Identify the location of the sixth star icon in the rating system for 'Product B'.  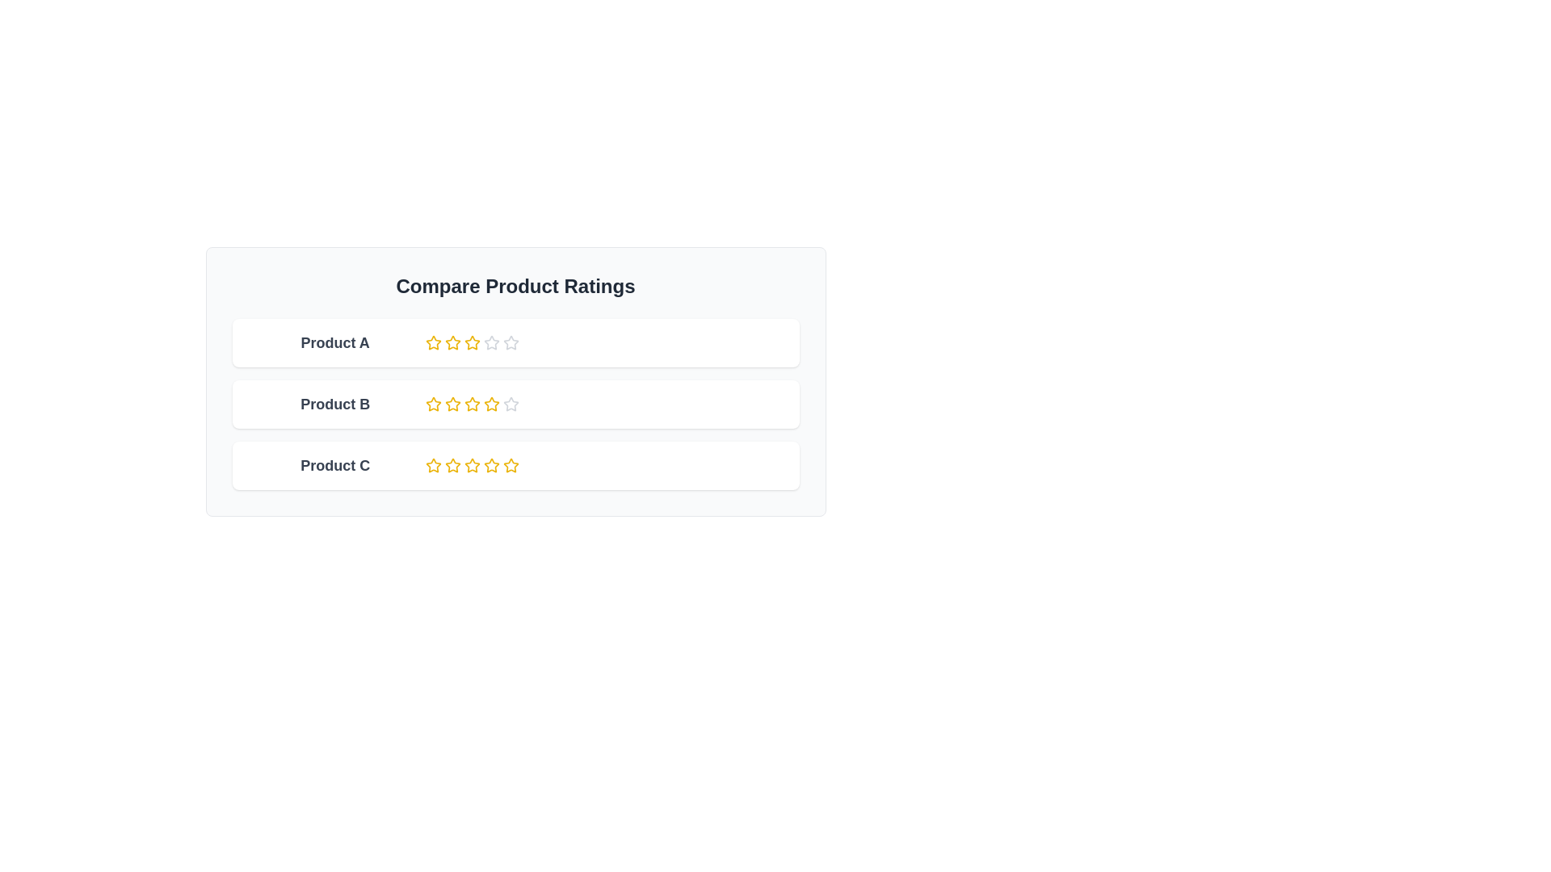
(510, 404).